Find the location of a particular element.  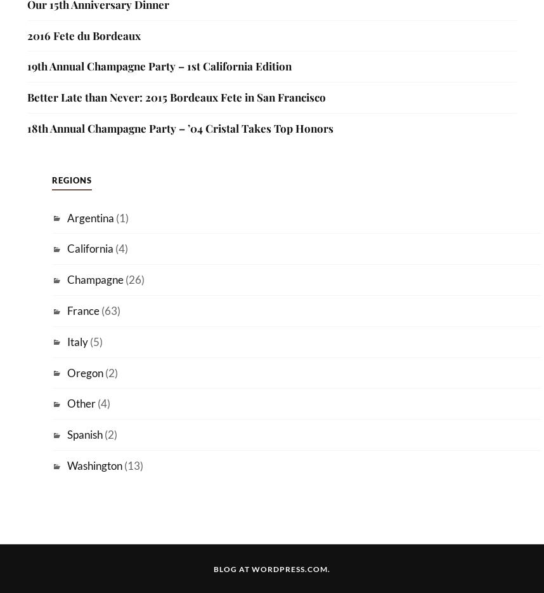

'Regions' is located at coordinates (71, 179).